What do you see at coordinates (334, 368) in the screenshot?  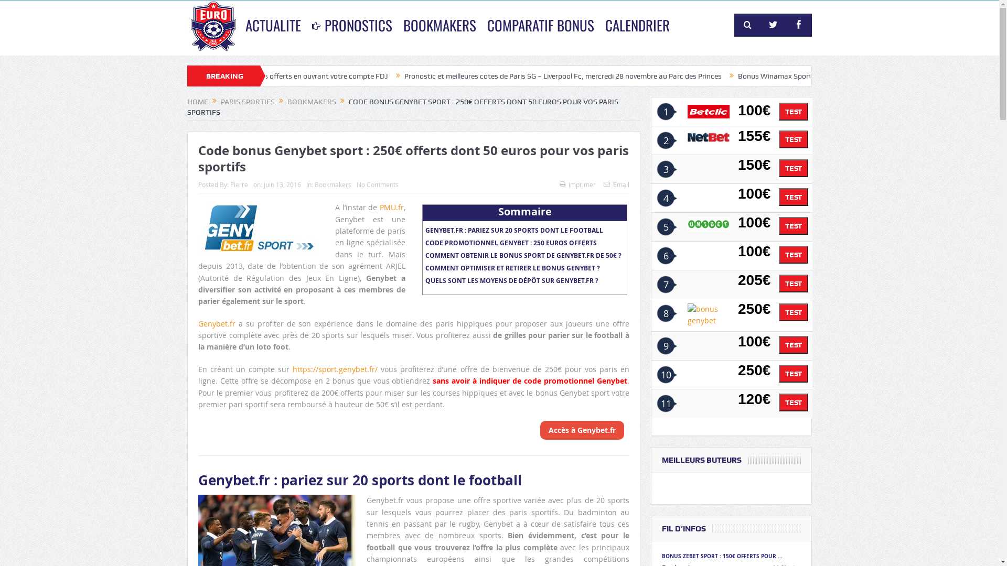 I see `'https://sport.genybet.fr/'` at bounding box center [334, 368].